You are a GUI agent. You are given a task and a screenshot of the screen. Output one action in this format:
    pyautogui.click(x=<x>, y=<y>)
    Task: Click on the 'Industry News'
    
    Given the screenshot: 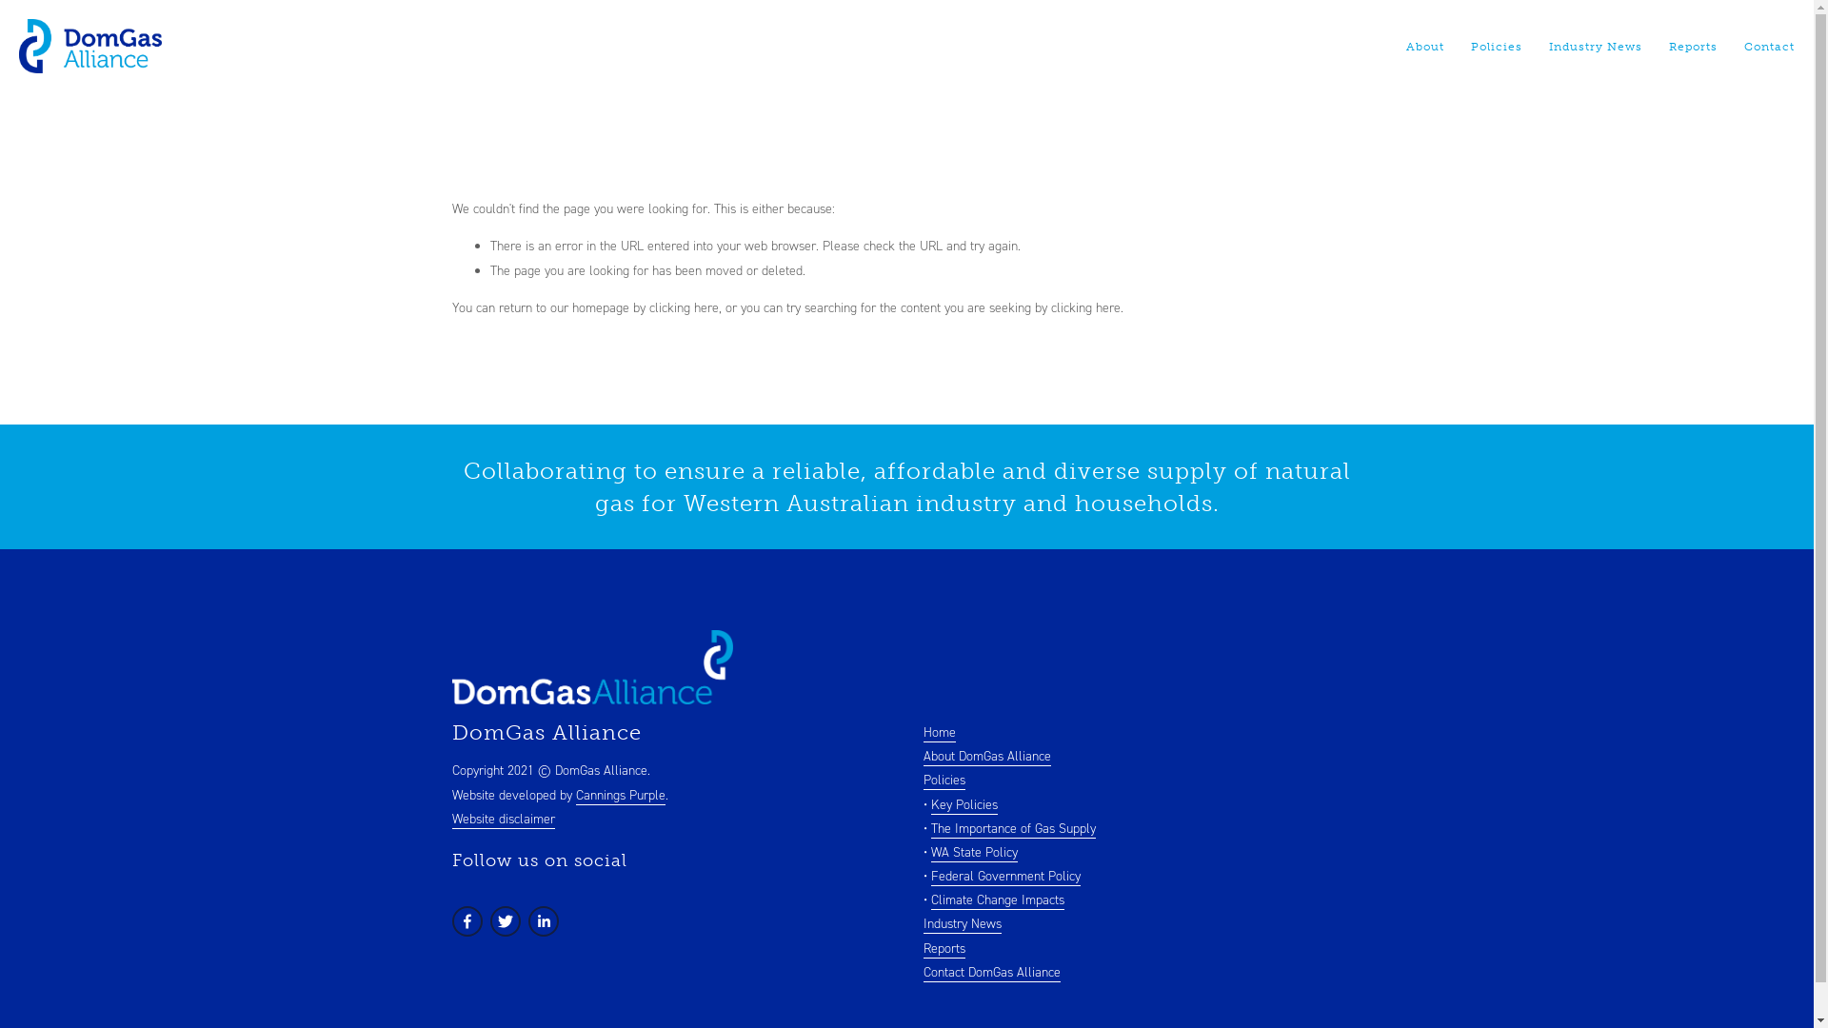 What is the action you would take?
    pyautogui.click(x=1595, y=46)
    